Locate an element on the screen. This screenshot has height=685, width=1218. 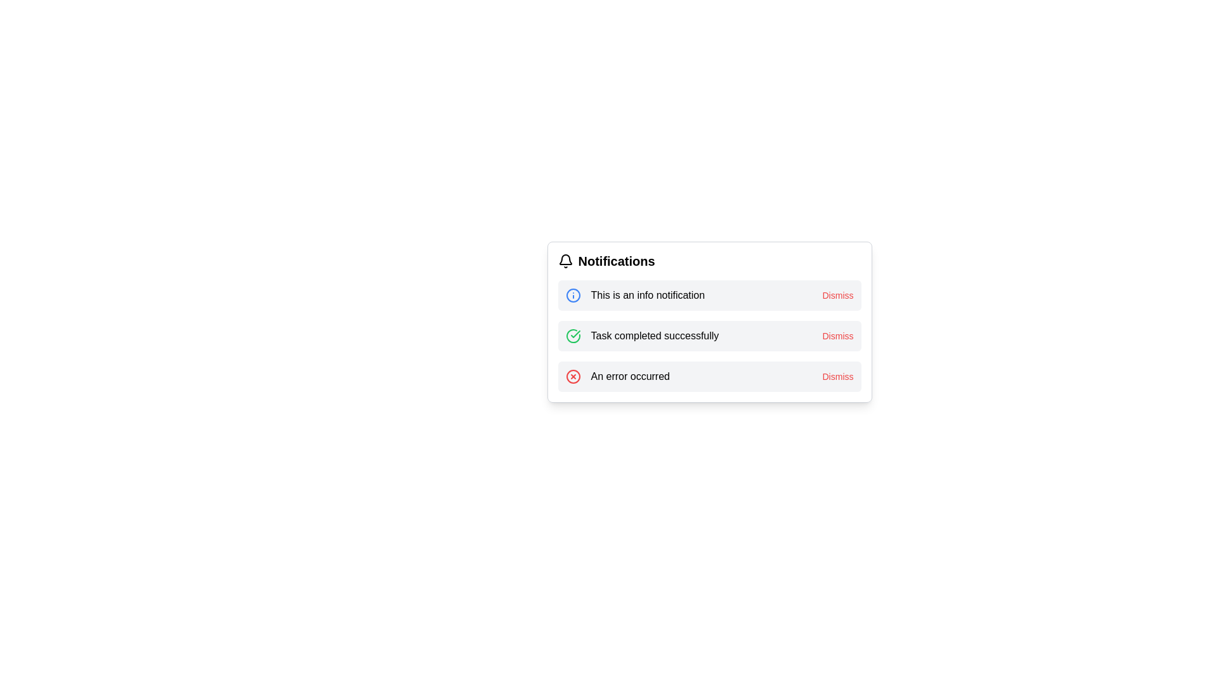
the notification that reads 'Task completed successfully' is located at coordinates (709, 335).